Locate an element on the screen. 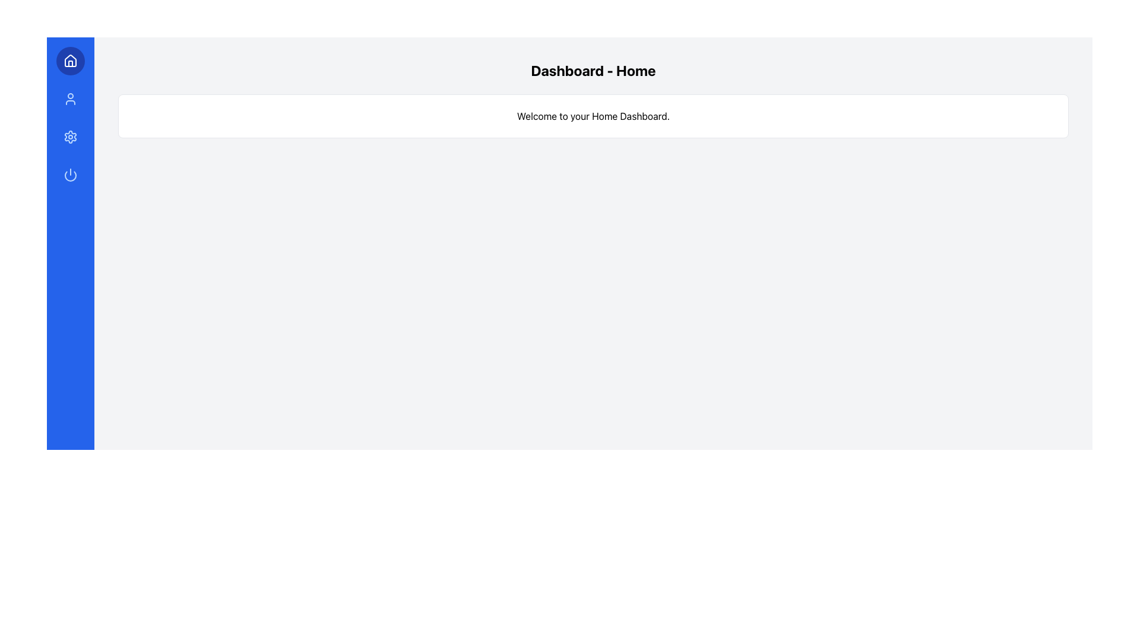  the circular blue button with a white house icon located at the top of the vertical navigation bar for keyboard interaction is located at coordinates (70, 61).